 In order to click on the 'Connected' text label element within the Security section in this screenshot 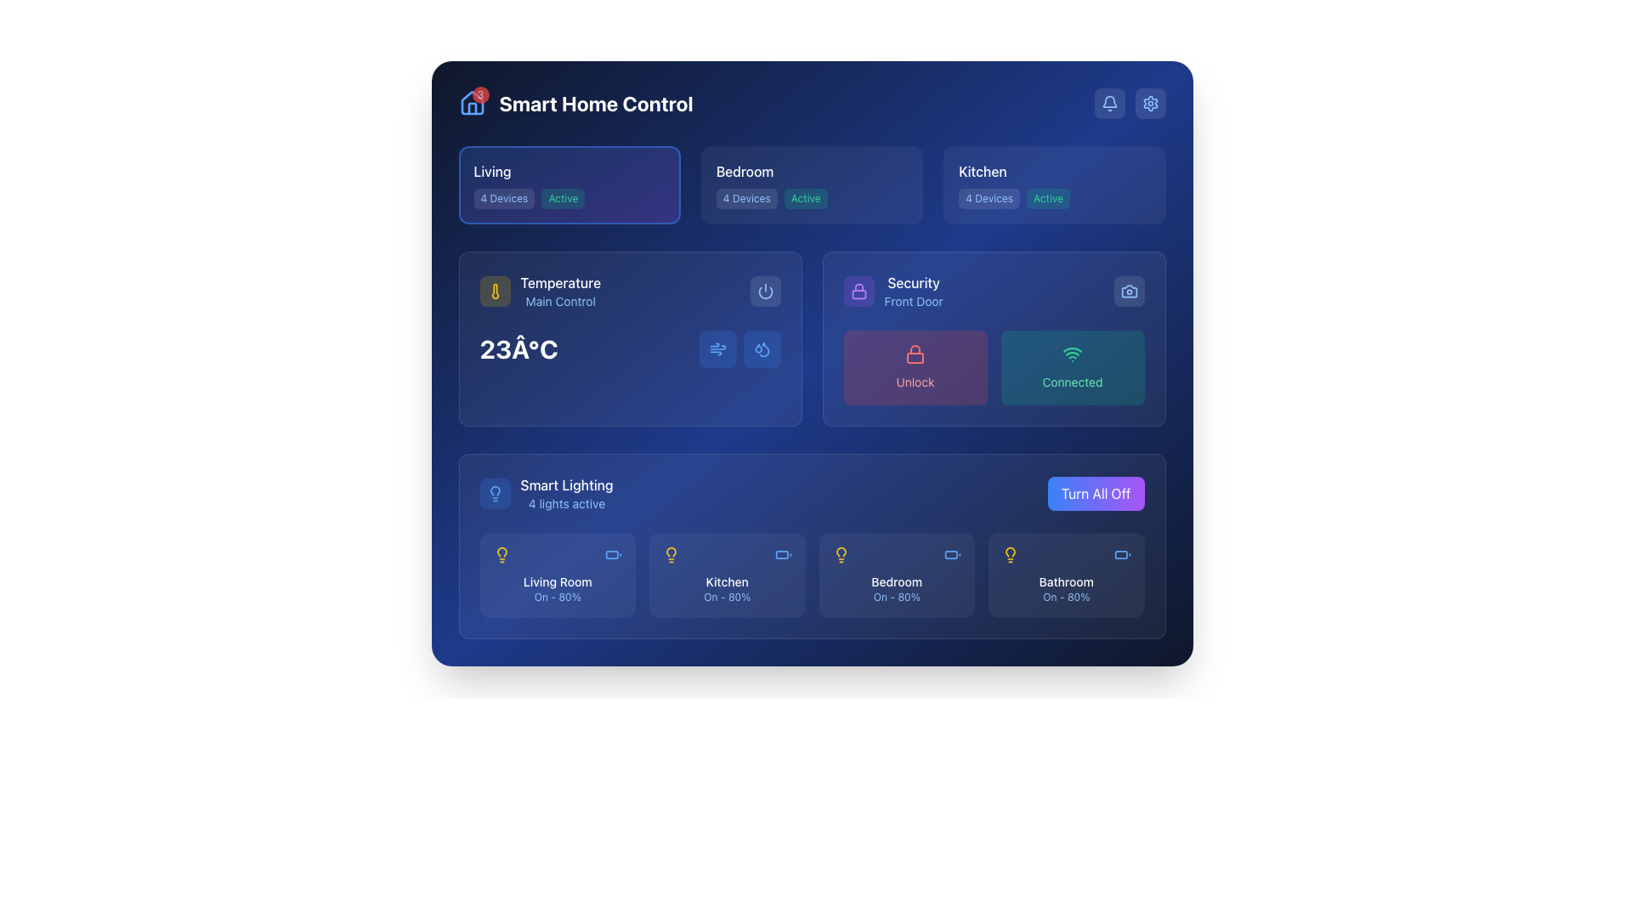, I will do `click(1072, 381)`.